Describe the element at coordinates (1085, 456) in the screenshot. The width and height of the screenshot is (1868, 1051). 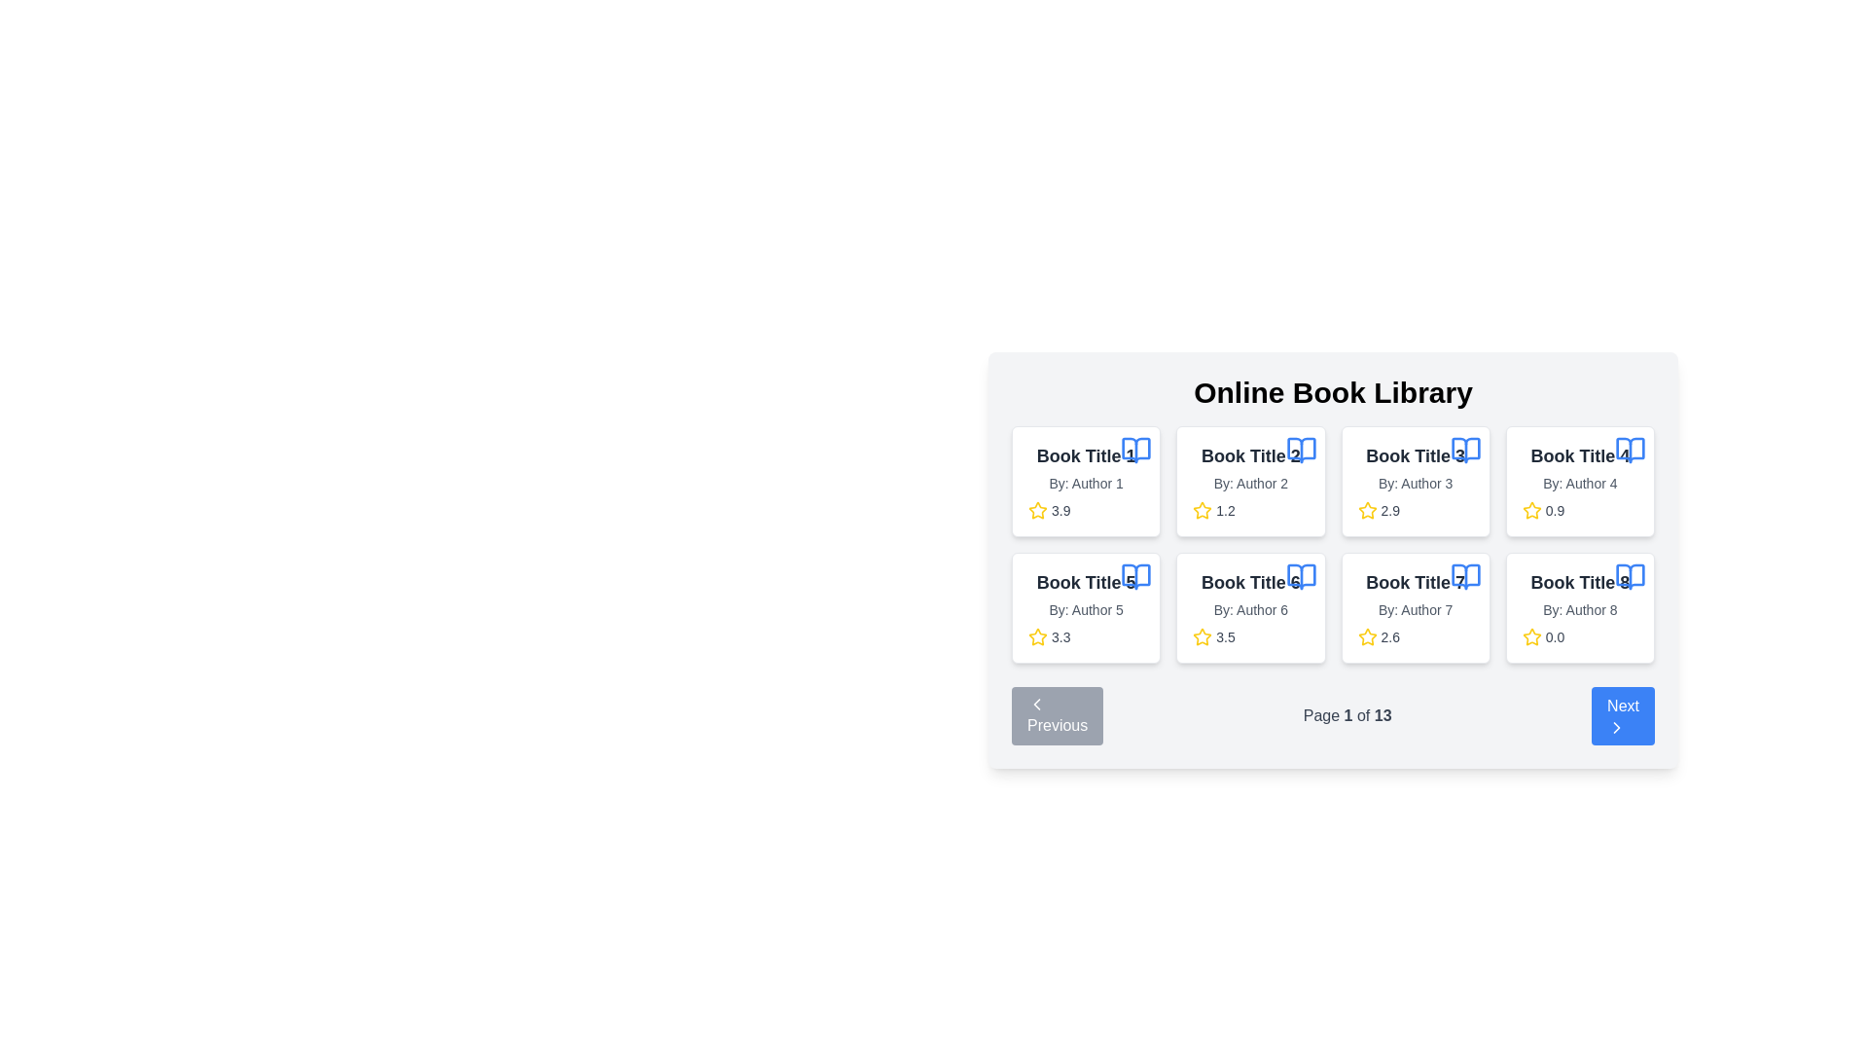
I see `the text element displaying 'Book Title 1', which is bold and large, located at the top-left corner of the grid layout in the first card` at that location.